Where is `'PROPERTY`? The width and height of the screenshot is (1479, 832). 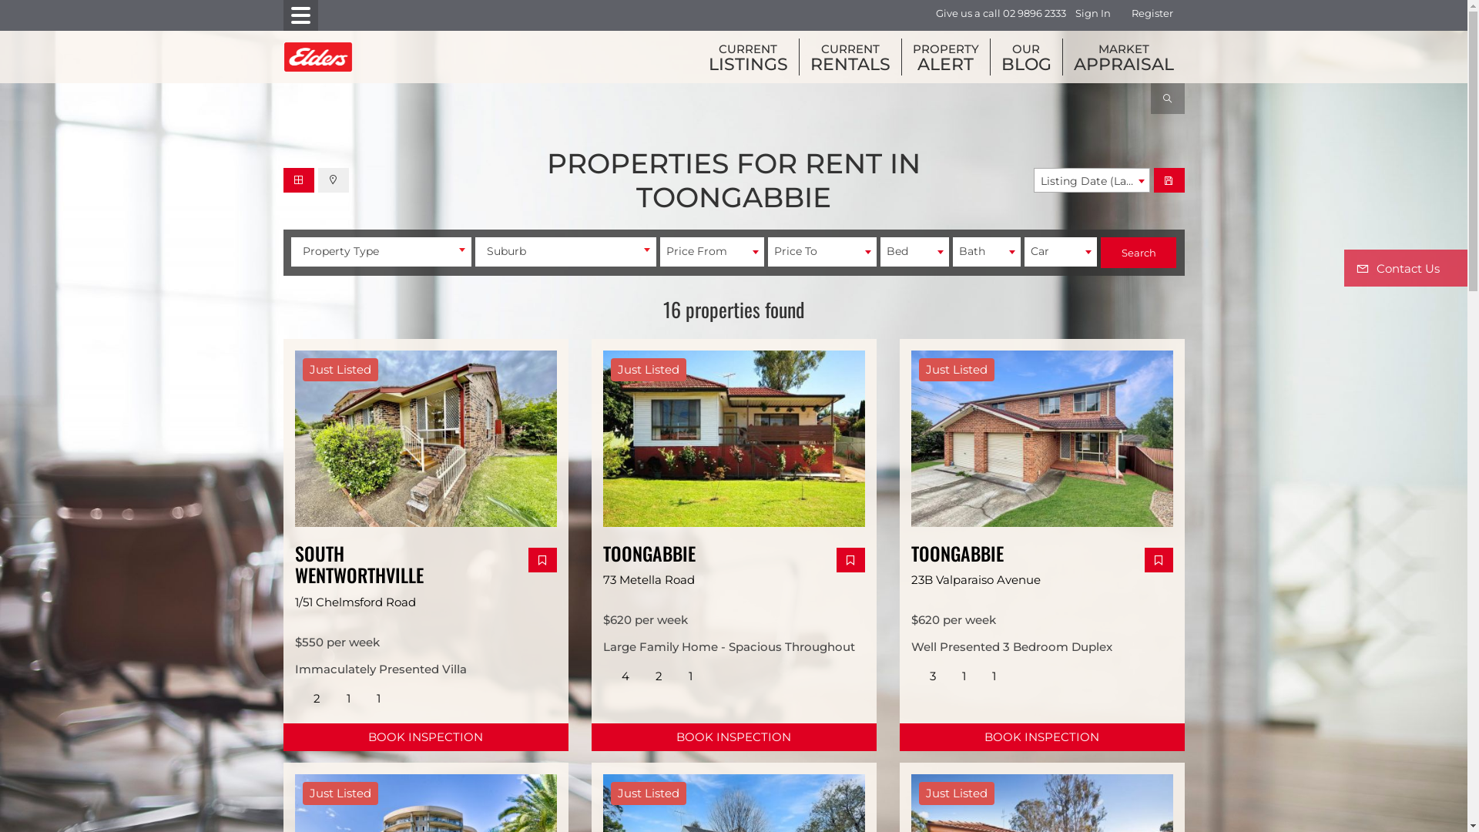 'PROPERTY is located at coordinates (944, 55).